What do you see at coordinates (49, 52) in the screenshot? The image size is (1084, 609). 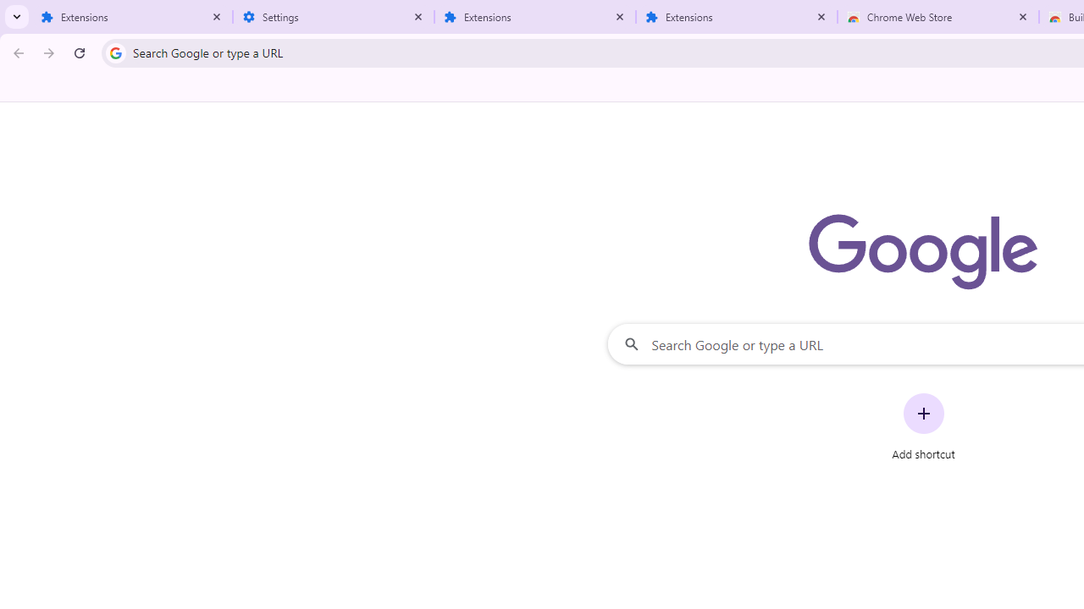 I see `'Forward'` at bounding box center [49, 52].